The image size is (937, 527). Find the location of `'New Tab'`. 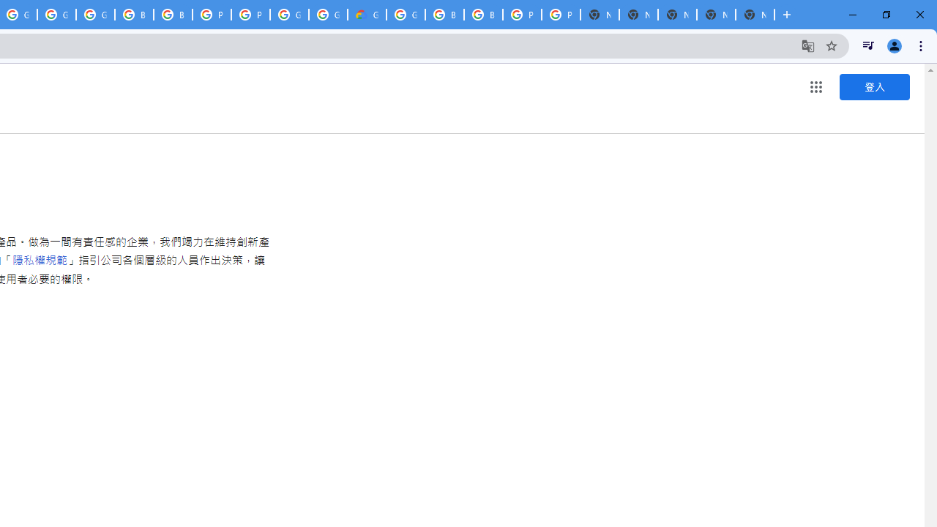

'New Tab' is located at coordinates (755, 15).